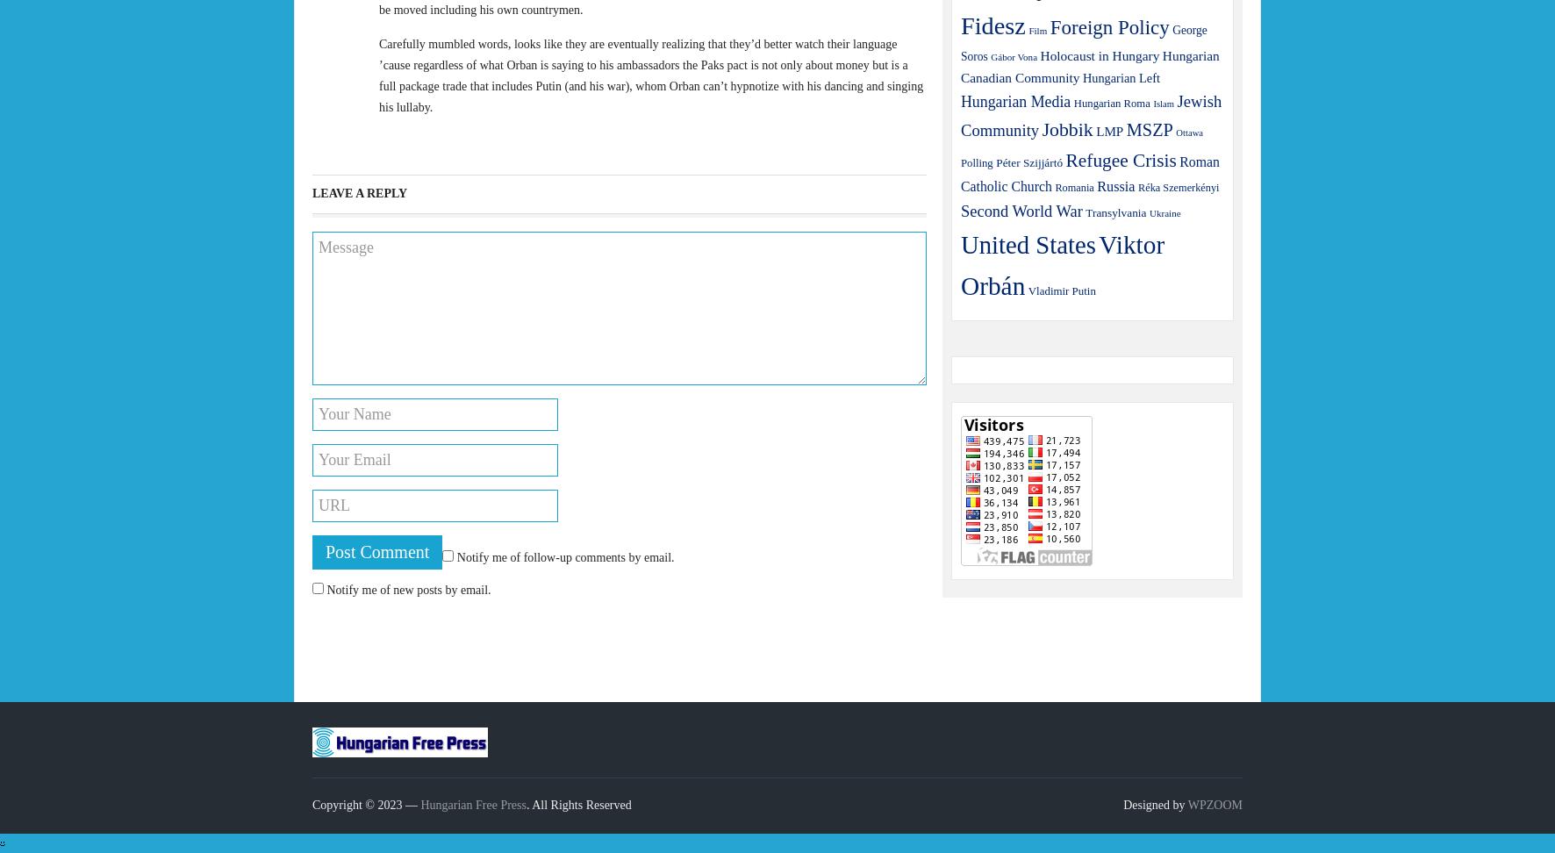 This screenshot has height=853, width=1555. I want to click on 'Second World War', so click(1021, 209).